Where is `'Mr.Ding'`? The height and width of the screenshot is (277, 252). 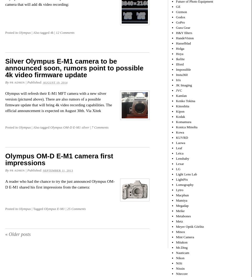
'Mr.Ding' is located at coordinates (181, 247).